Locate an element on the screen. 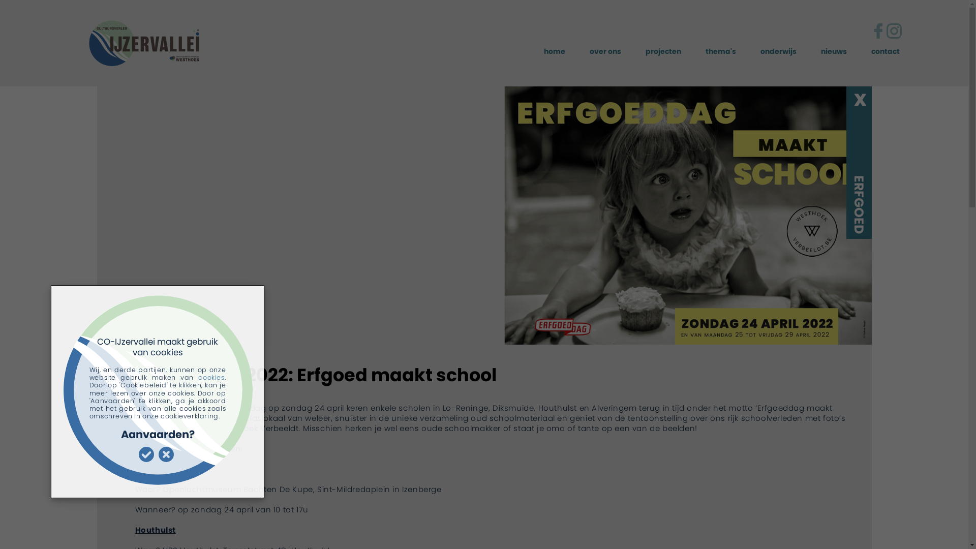 This screenshot has height=549, width=976. 'projecten' is located at coordinates (645, 52).